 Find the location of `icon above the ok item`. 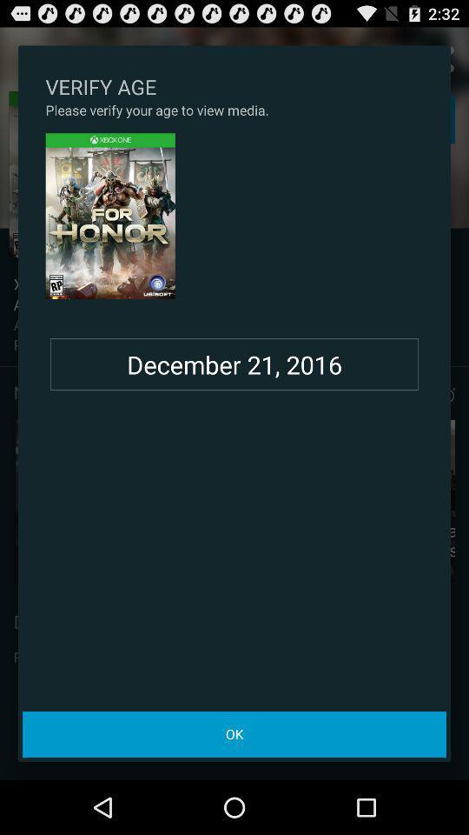

icon above the ok item is located at coordinates (234, 364).